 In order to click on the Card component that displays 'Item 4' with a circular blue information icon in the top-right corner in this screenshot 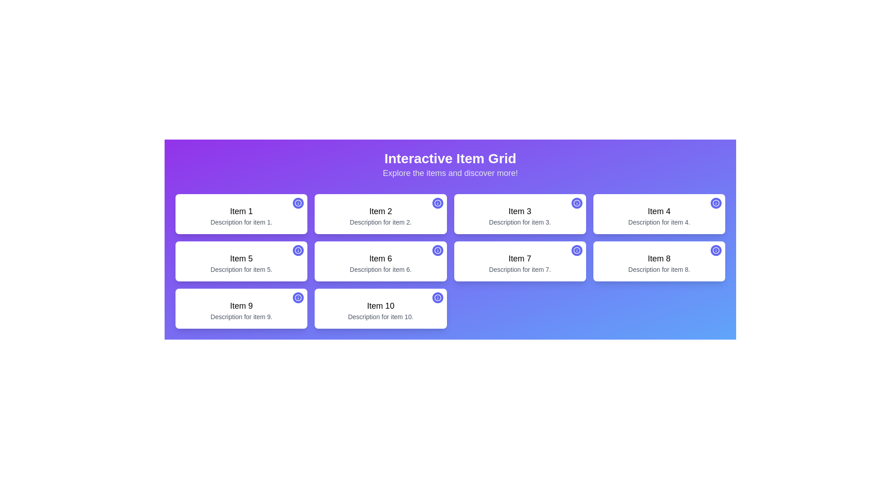, I will do `click(659, 214)`.